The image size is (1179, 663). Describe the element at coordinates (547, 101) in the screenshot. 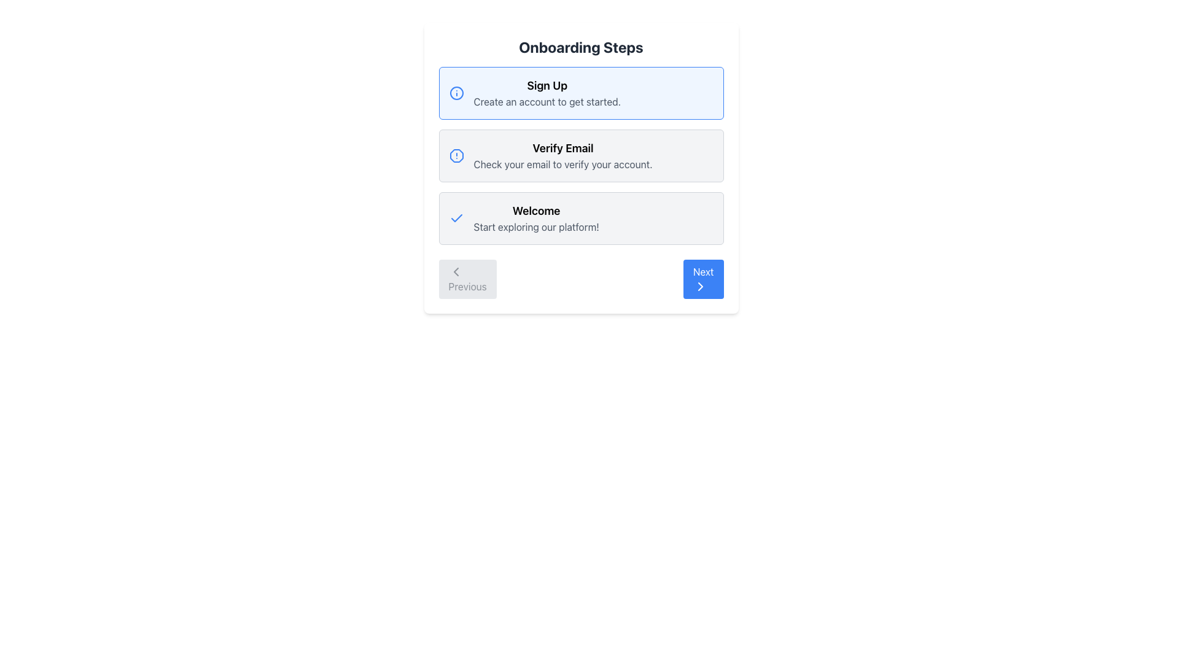

I see `the static text reading 'Create an account to get started.' which is styled in gray and positioned below the bold text 'Sign Up' in the 'Onboarding Steps' widget` at that location.